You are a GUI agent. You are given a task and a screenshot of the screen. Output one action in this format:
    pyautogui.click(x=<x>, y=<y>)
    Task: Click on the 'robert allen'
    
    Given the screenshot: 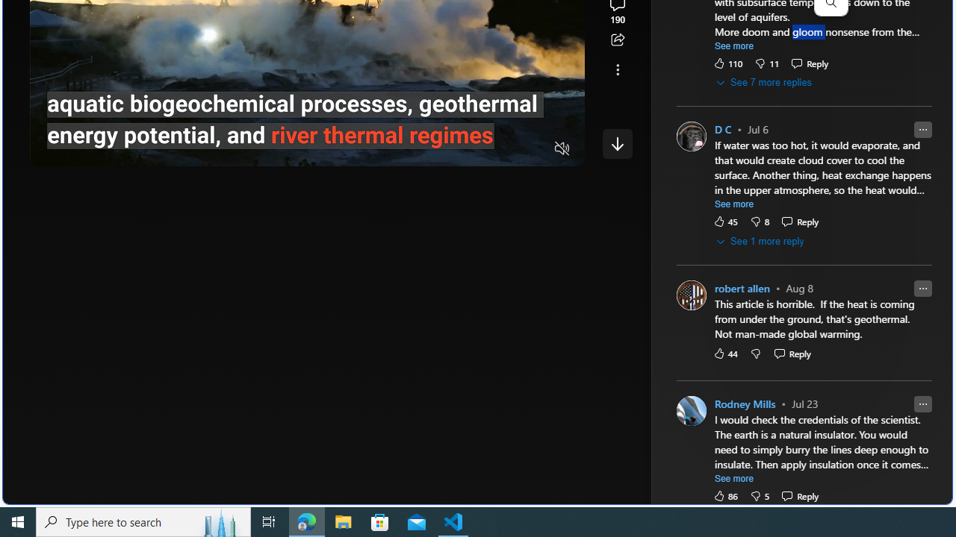 What is the action you would take?
    pyautogui.click(x=742, y=288)
    